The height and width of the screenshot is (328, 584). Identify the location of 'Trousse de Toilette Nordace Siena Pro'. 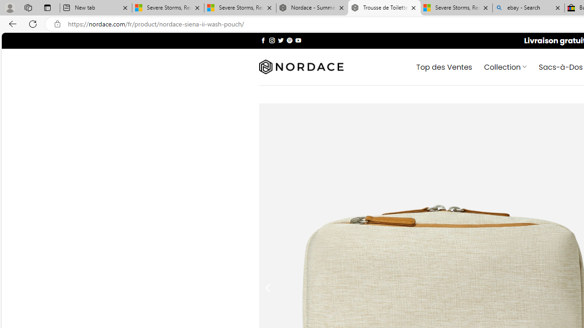
(384, 8).